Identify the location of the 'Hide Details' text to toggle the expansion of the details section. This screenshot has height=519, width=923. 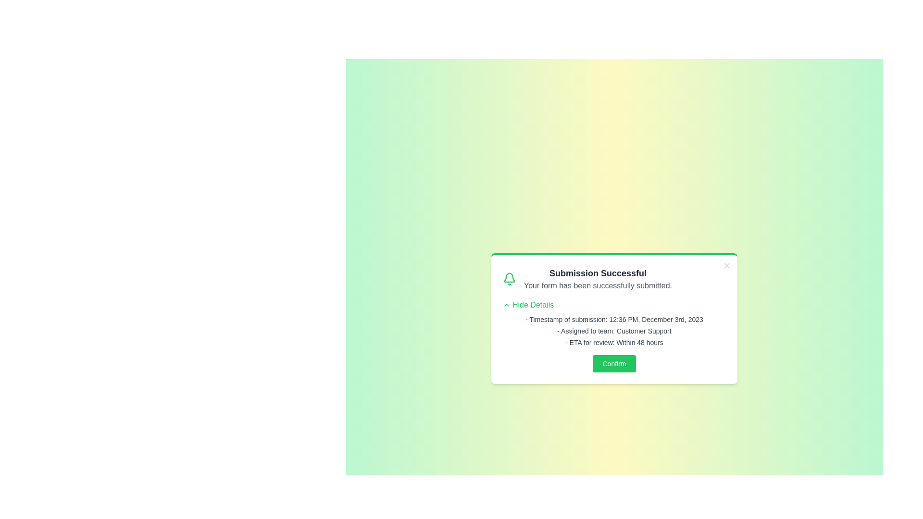
(528, 305).